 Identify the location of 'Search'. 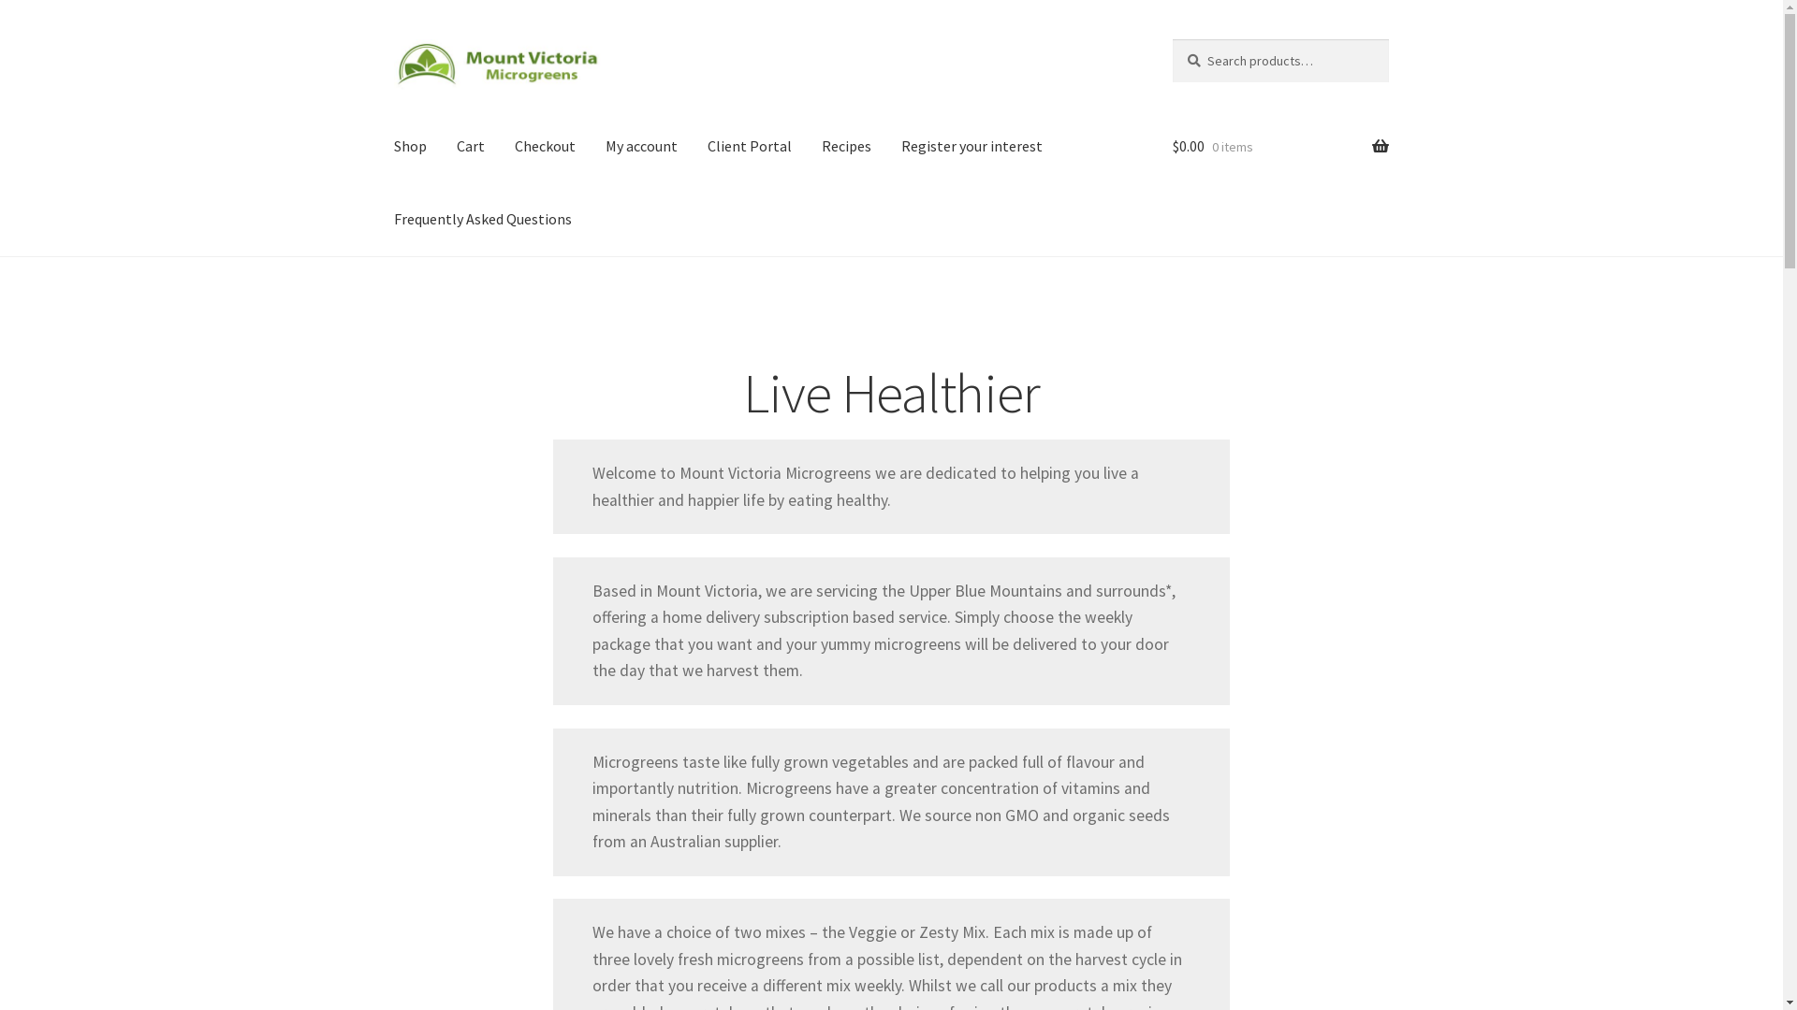
(1171, 38).